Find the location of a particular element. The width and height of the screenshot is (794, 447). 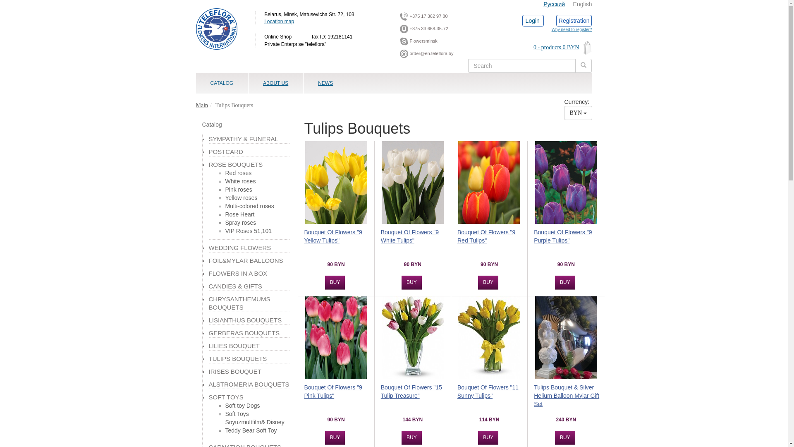

'Registration' is located at coordinates (574, 20).